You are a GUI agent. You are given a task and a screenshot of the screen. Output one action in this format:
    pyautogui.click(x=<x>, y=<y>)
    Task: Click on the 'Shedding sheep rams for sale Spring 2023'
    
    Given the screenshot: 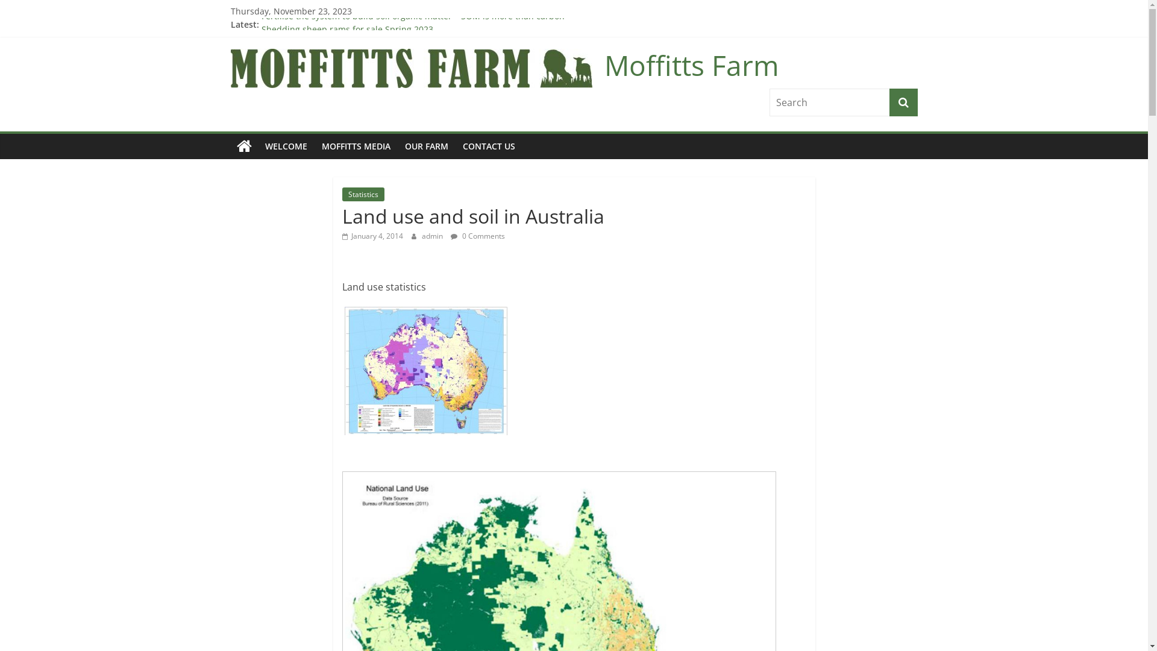 What is the action you would take?
    pyautogui.click(x=346, y=24)
    